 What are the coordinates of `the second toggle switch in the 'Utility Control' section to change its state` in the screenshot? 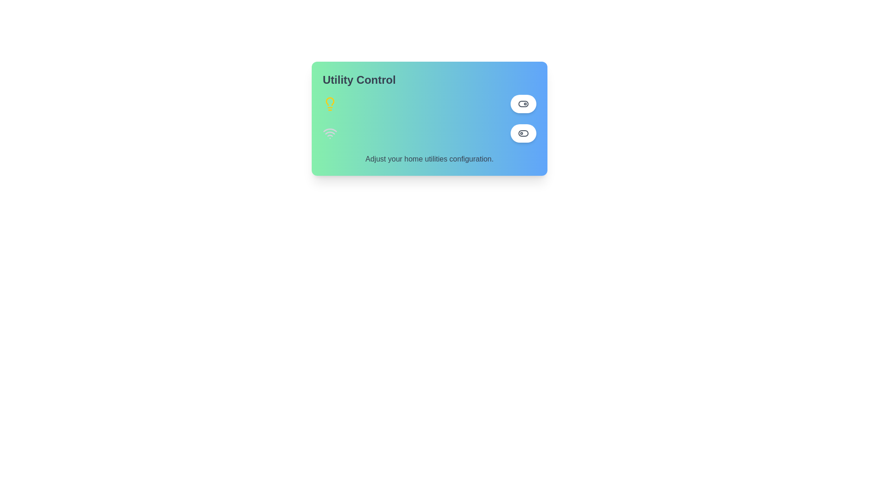 It's located at (523, 133).